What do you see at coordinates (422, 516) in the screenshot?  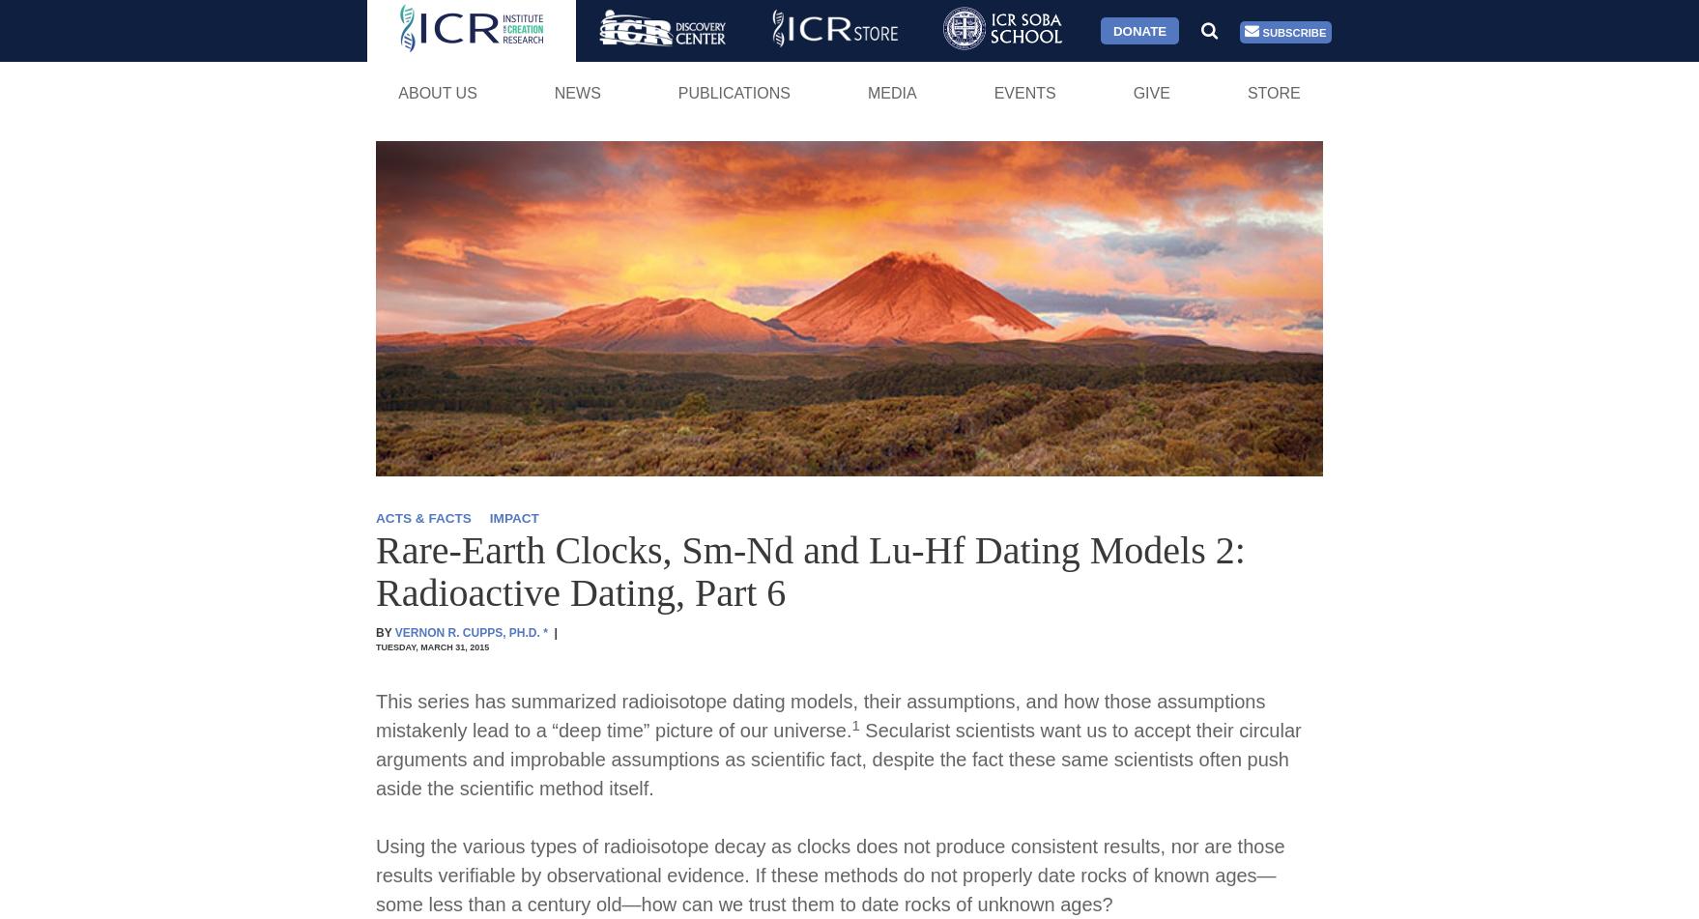 I see `'ACTS & FACTS'` at bounding box center [422, 516].